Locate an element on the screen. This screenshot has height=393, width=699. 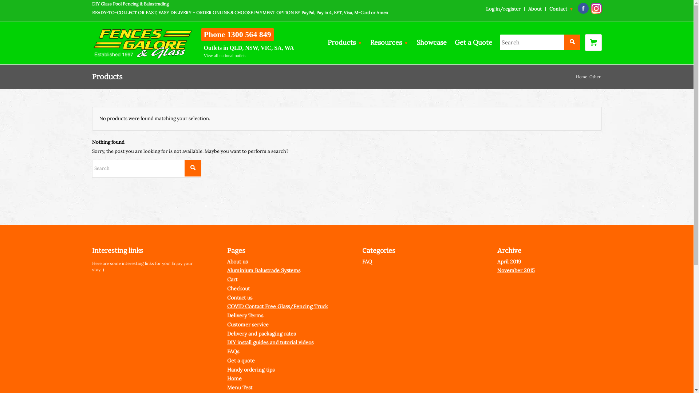
'Delivery and packaging rates' is located at coordinates (261, 334).